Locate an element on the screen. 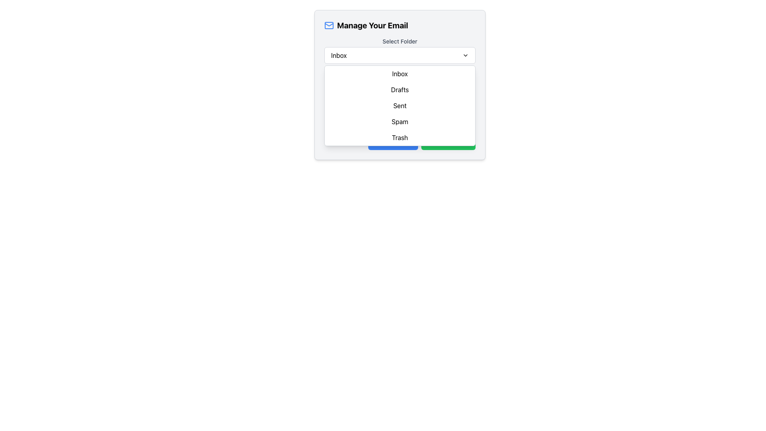  the 'Sent' folder item in the dropdown menu to trigger the hover effect is located at coordinates (400, 105).